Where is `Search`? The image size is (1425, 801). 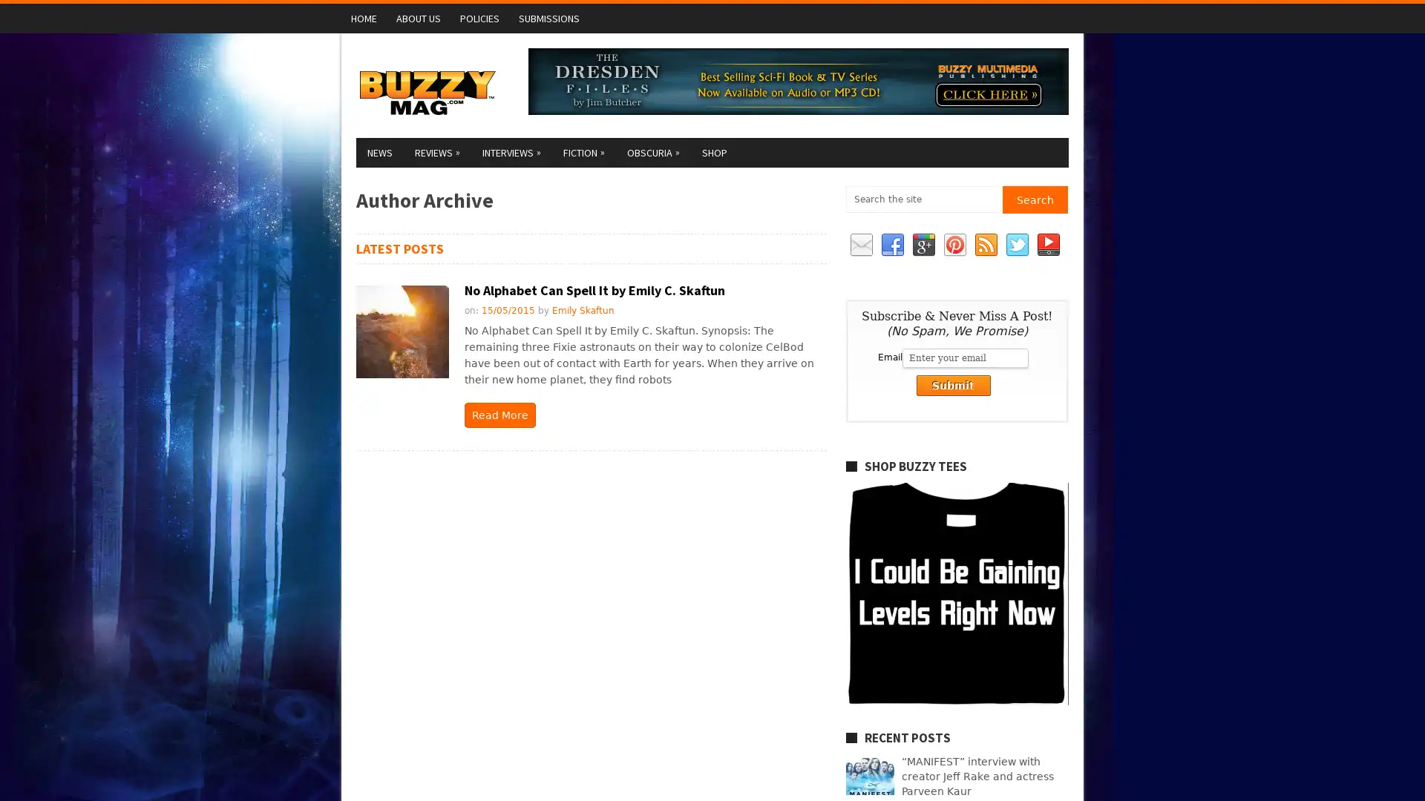
Search is located at coordinates (1034, 199).